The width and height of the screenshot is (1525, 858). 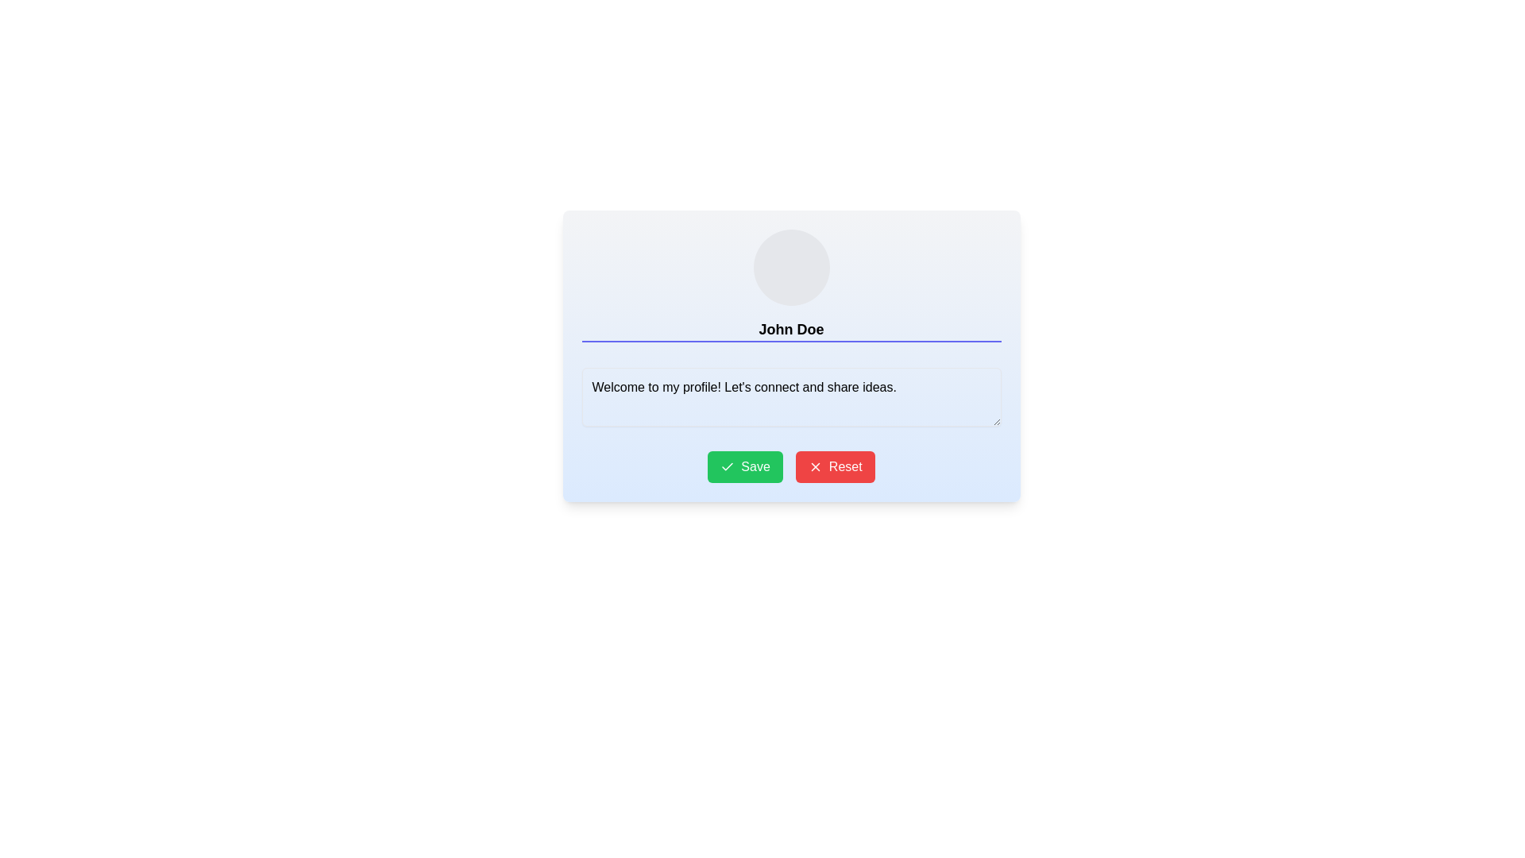 What do you see at coordinates (815, 466) in the screenshot?
I see `the 'X' SVG icon located within the 'Reset' button, which is styled with a red stroke and positioned to the left of the button's label text` at bounding box center [815, 466].